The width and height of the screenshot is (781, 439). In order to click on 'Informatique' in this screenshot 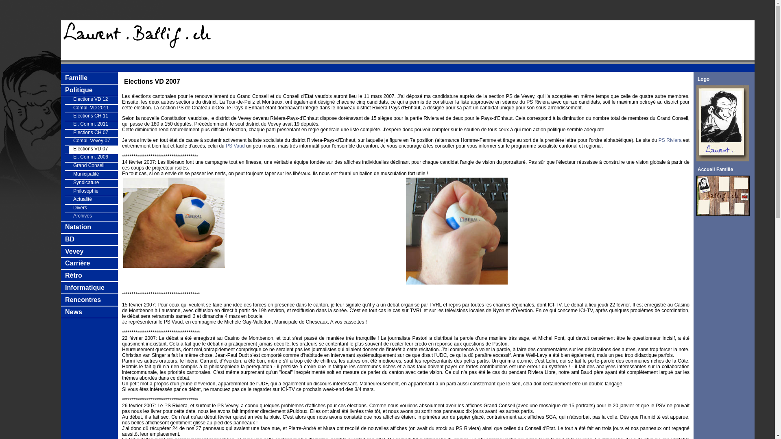, I will do `click(85, 287)`.